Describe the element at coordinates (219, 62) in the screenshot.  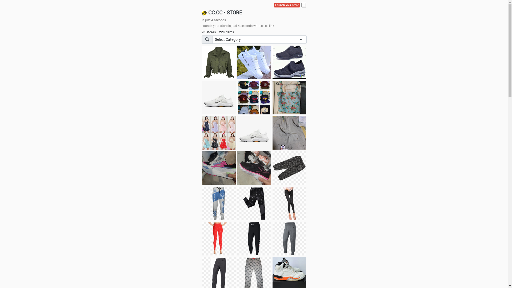
I see `'jacket'` at that location.